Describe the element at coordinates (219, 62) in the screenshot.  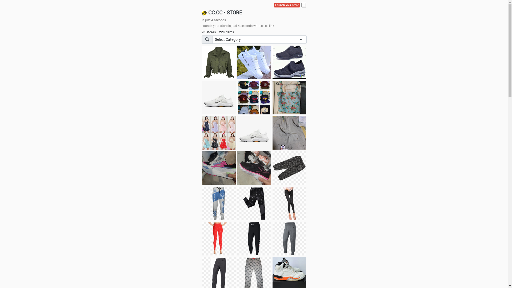
I see `'jacket'` at that location.